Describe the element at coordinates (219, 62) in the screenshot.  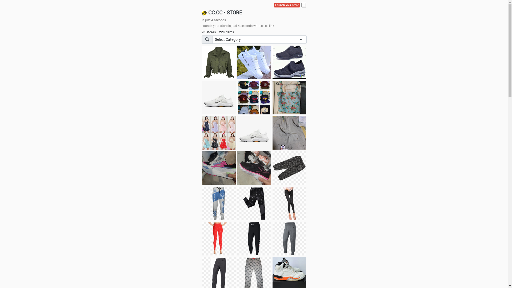
I see `'jacket'` at that location.